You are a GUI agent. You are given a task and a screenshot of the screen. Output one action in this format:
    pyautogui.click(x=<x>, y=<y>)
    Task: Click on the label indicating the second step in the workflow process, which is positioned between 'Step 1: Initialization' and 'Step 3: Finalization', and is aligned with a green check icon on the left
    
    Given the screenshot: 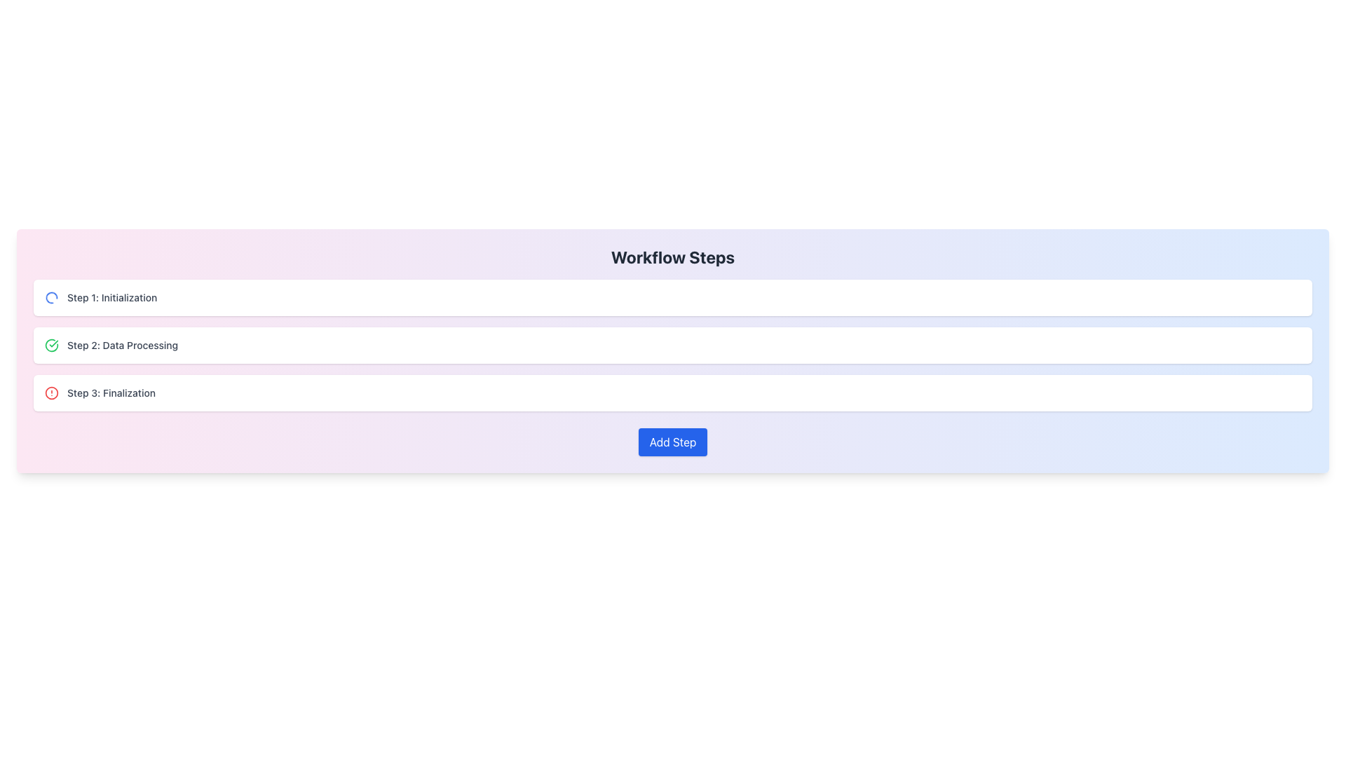 What is the action you would take?
    pyautogui.click(x=123, y=346)
    